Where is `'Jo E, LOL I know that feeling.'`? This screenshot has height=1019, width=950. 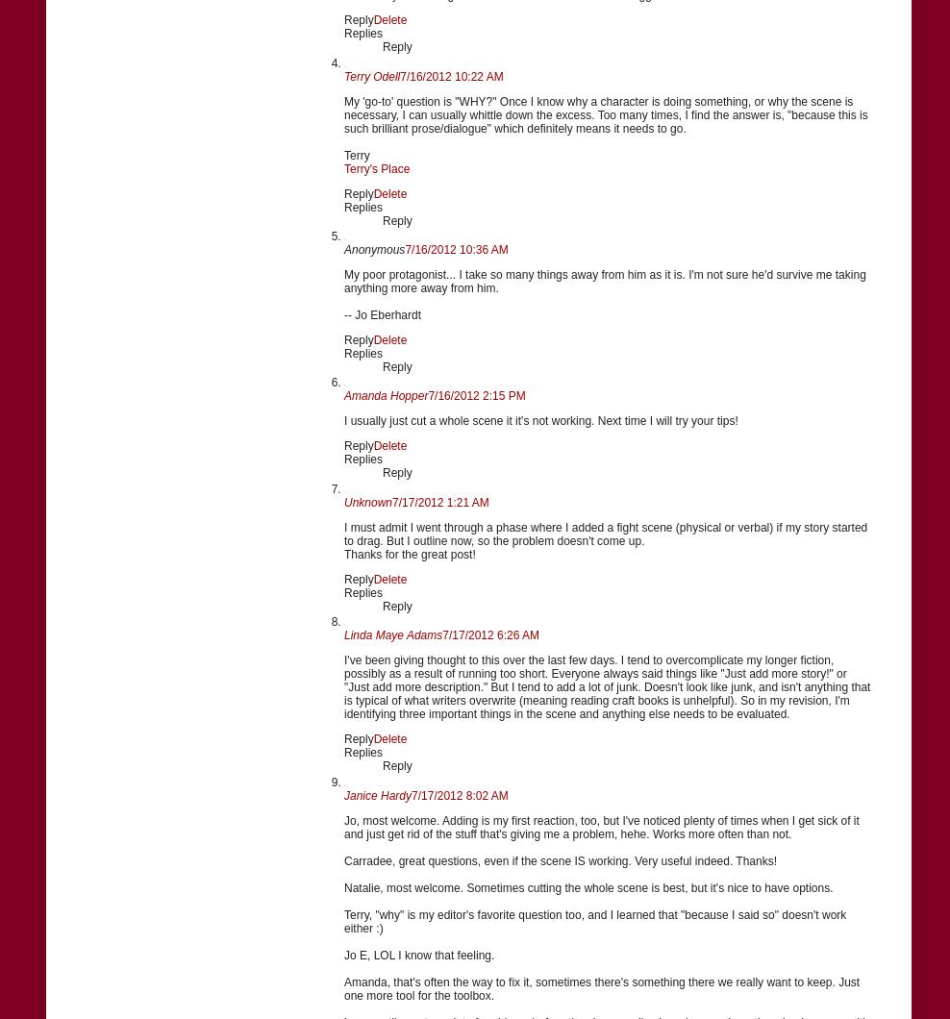 'Jo E, LOL I know that feeling.' is located at coordinates (419, 954).